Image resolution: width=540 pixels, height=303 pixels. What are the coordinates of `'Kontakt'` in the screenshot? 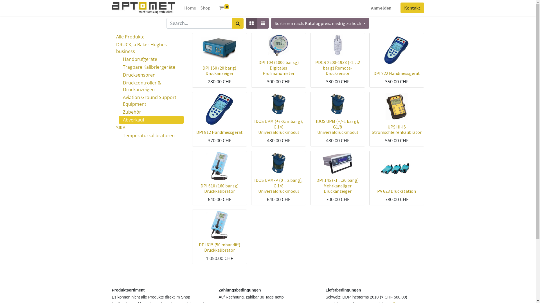 It's located at (412, 8).